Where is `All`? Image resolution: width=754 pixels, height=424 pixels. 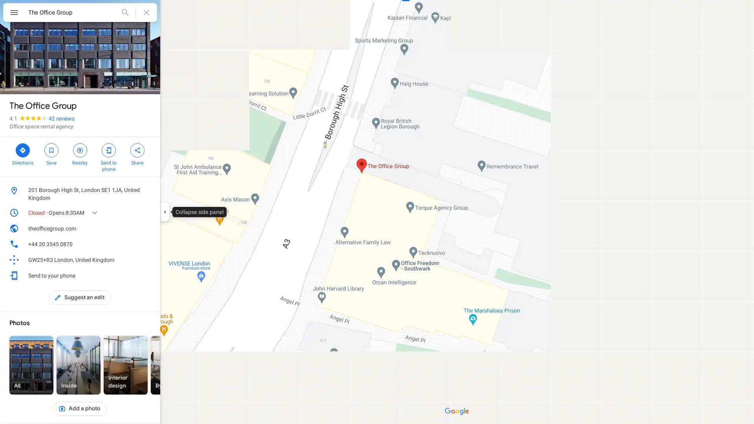 All is located at coordinates (31, 365).